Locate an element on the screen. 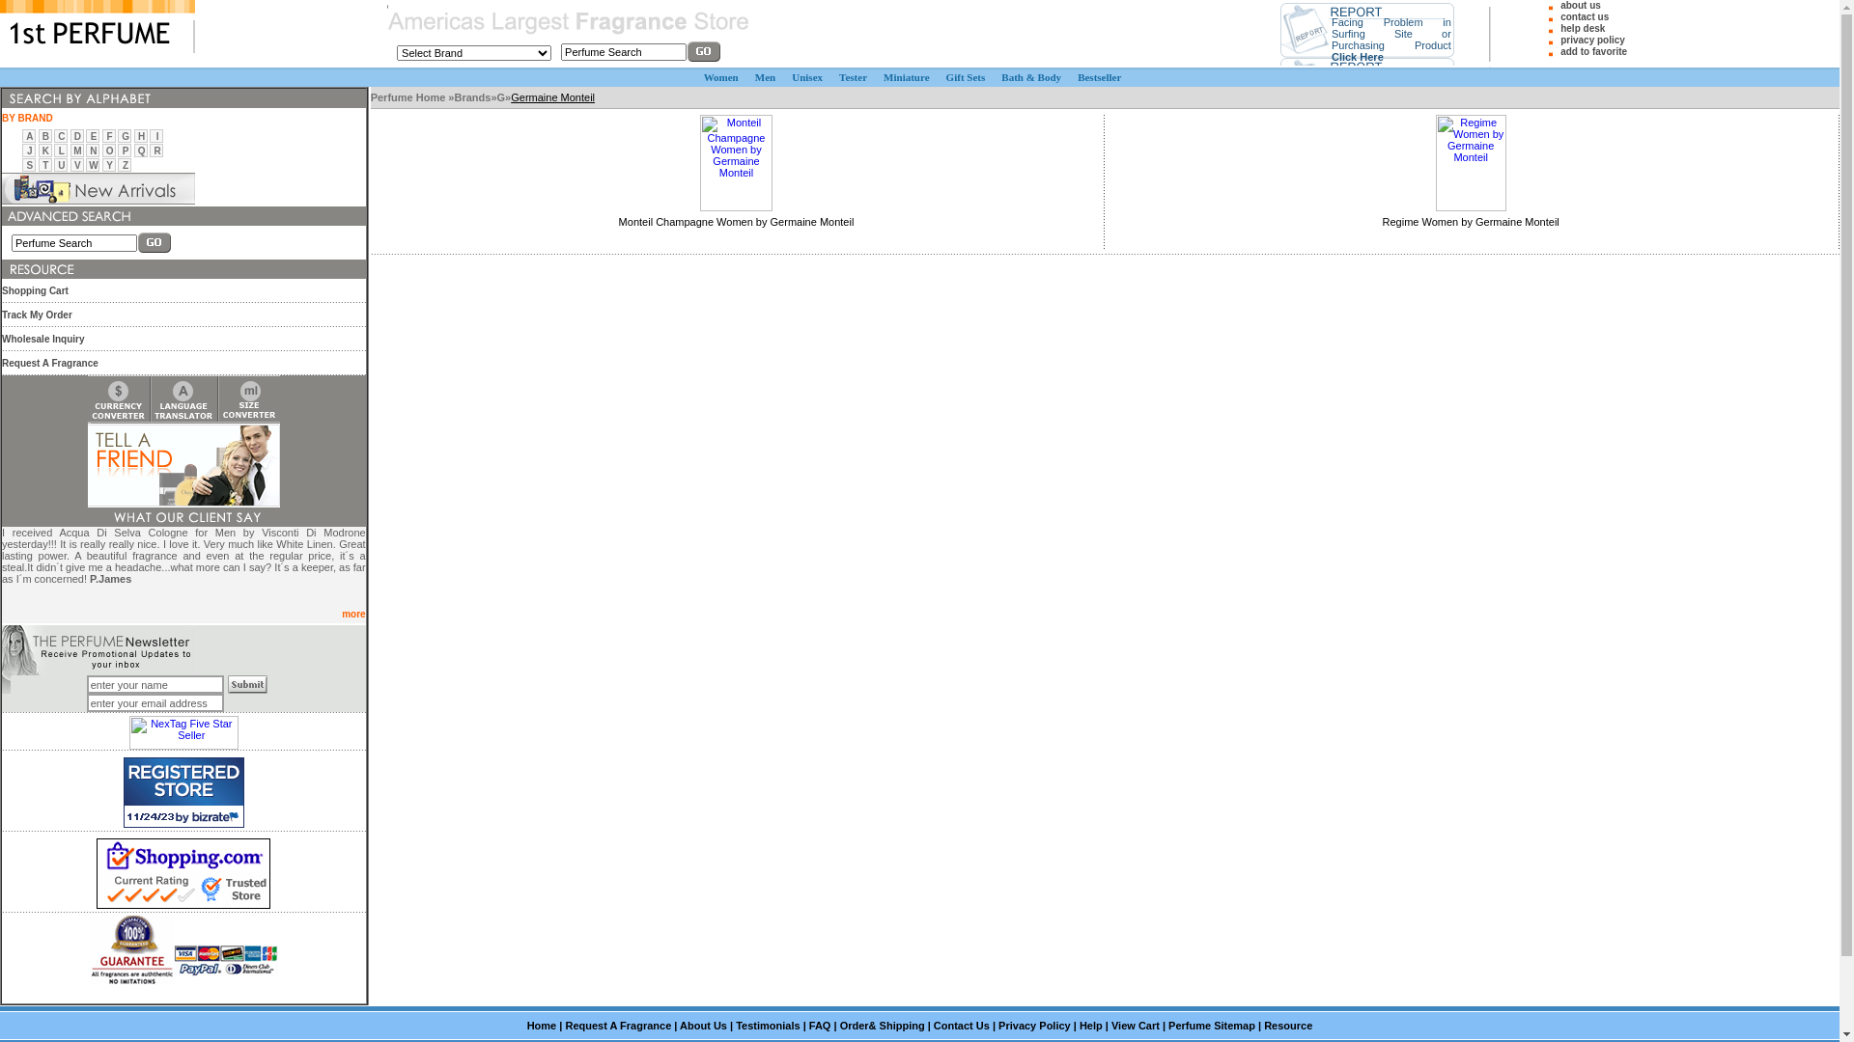  'about us' is located at coordinates (1580, 5).